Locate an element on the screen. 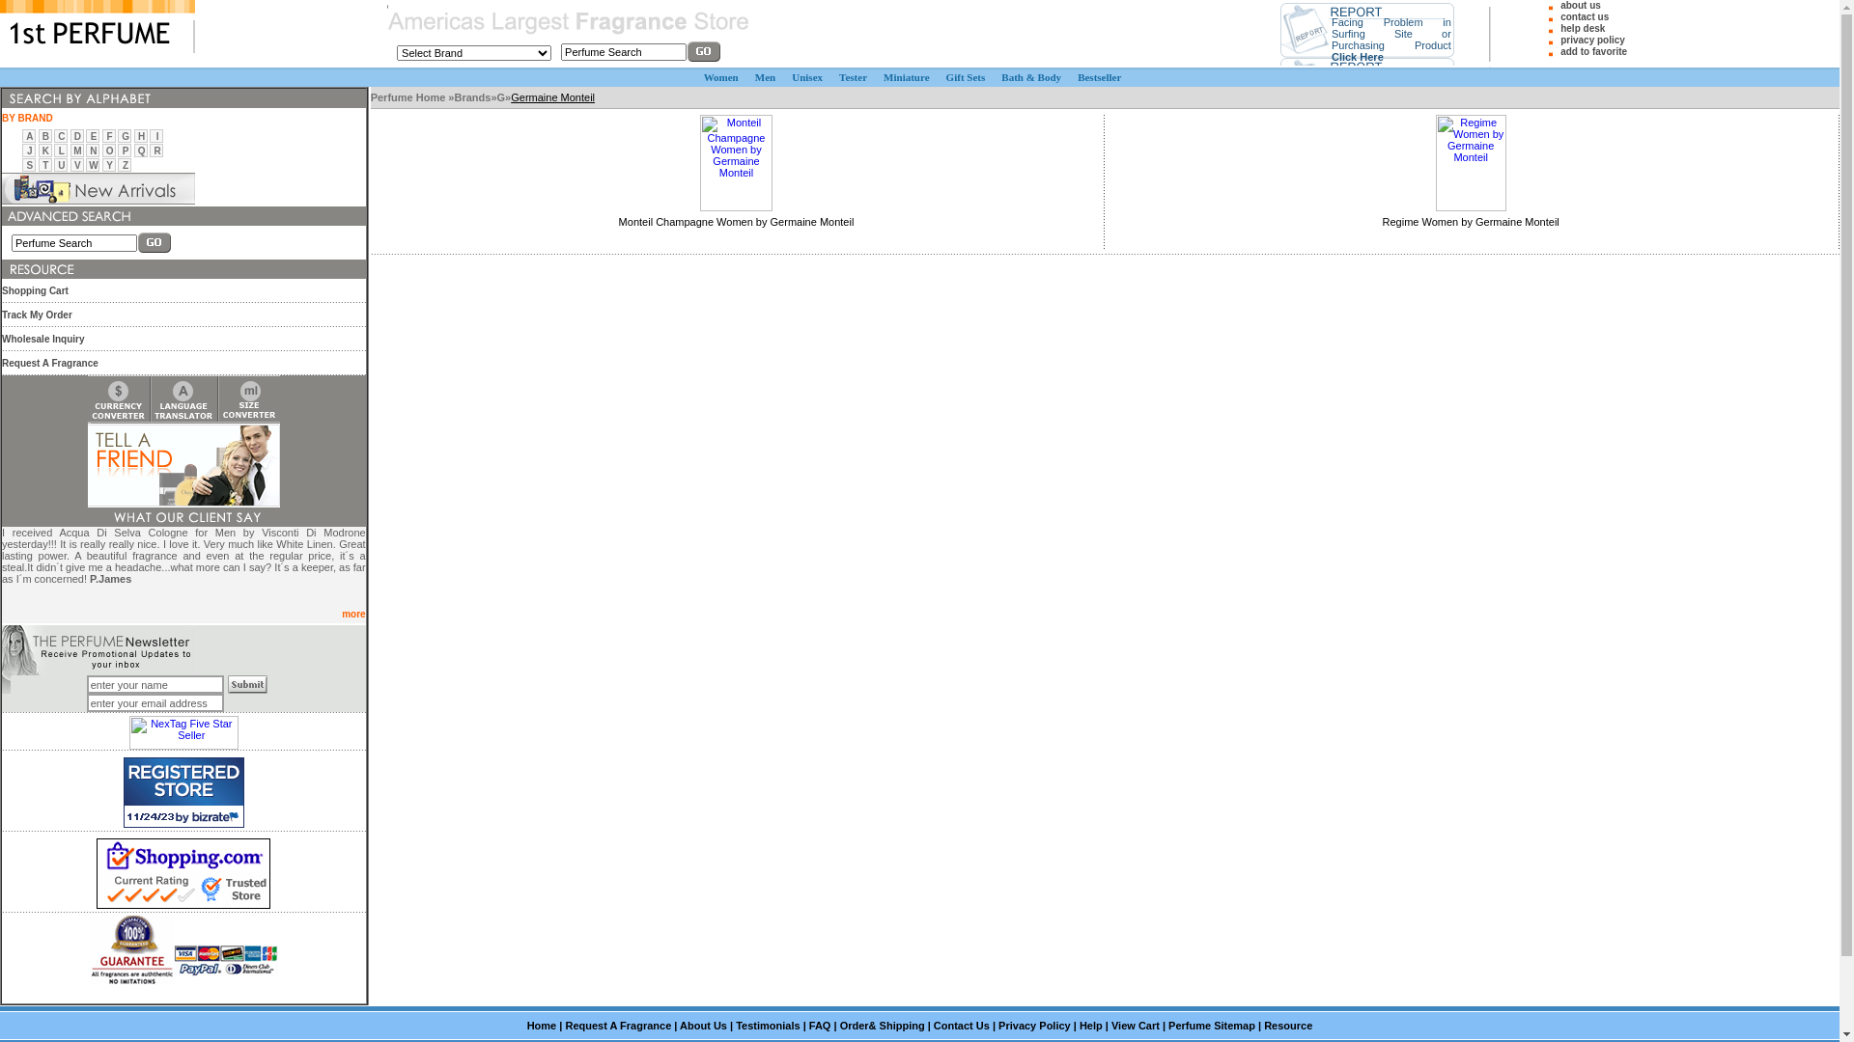  'about us' is located at coordinates (1580, 5).